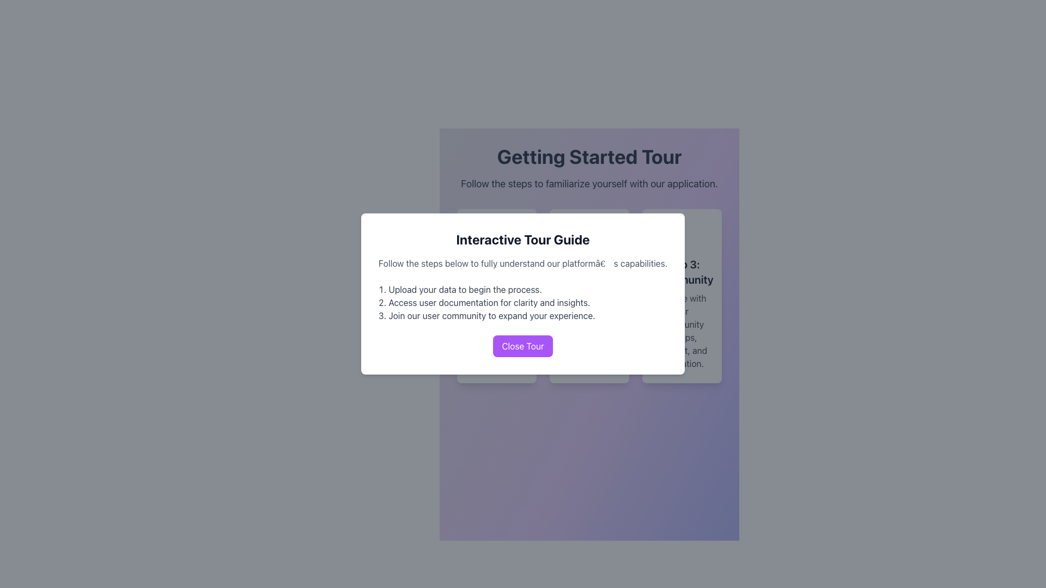  What do you see at coordinates (523, 315) in the screenshot?
I see `the third text element in a list, which has the numbered prefix '3.' and the content 'Join our user community to expand your experience.'` at bounding box center [523, 315].